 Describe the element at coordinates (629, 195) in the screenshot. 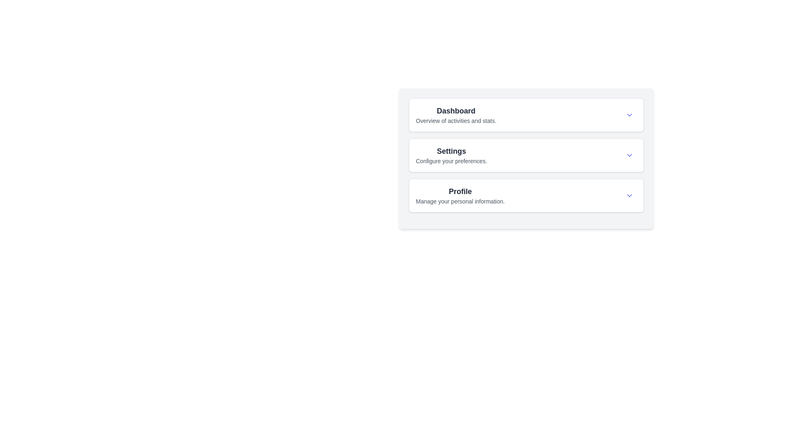

I see `the chevron icon for the 'Profile' section` at that location.